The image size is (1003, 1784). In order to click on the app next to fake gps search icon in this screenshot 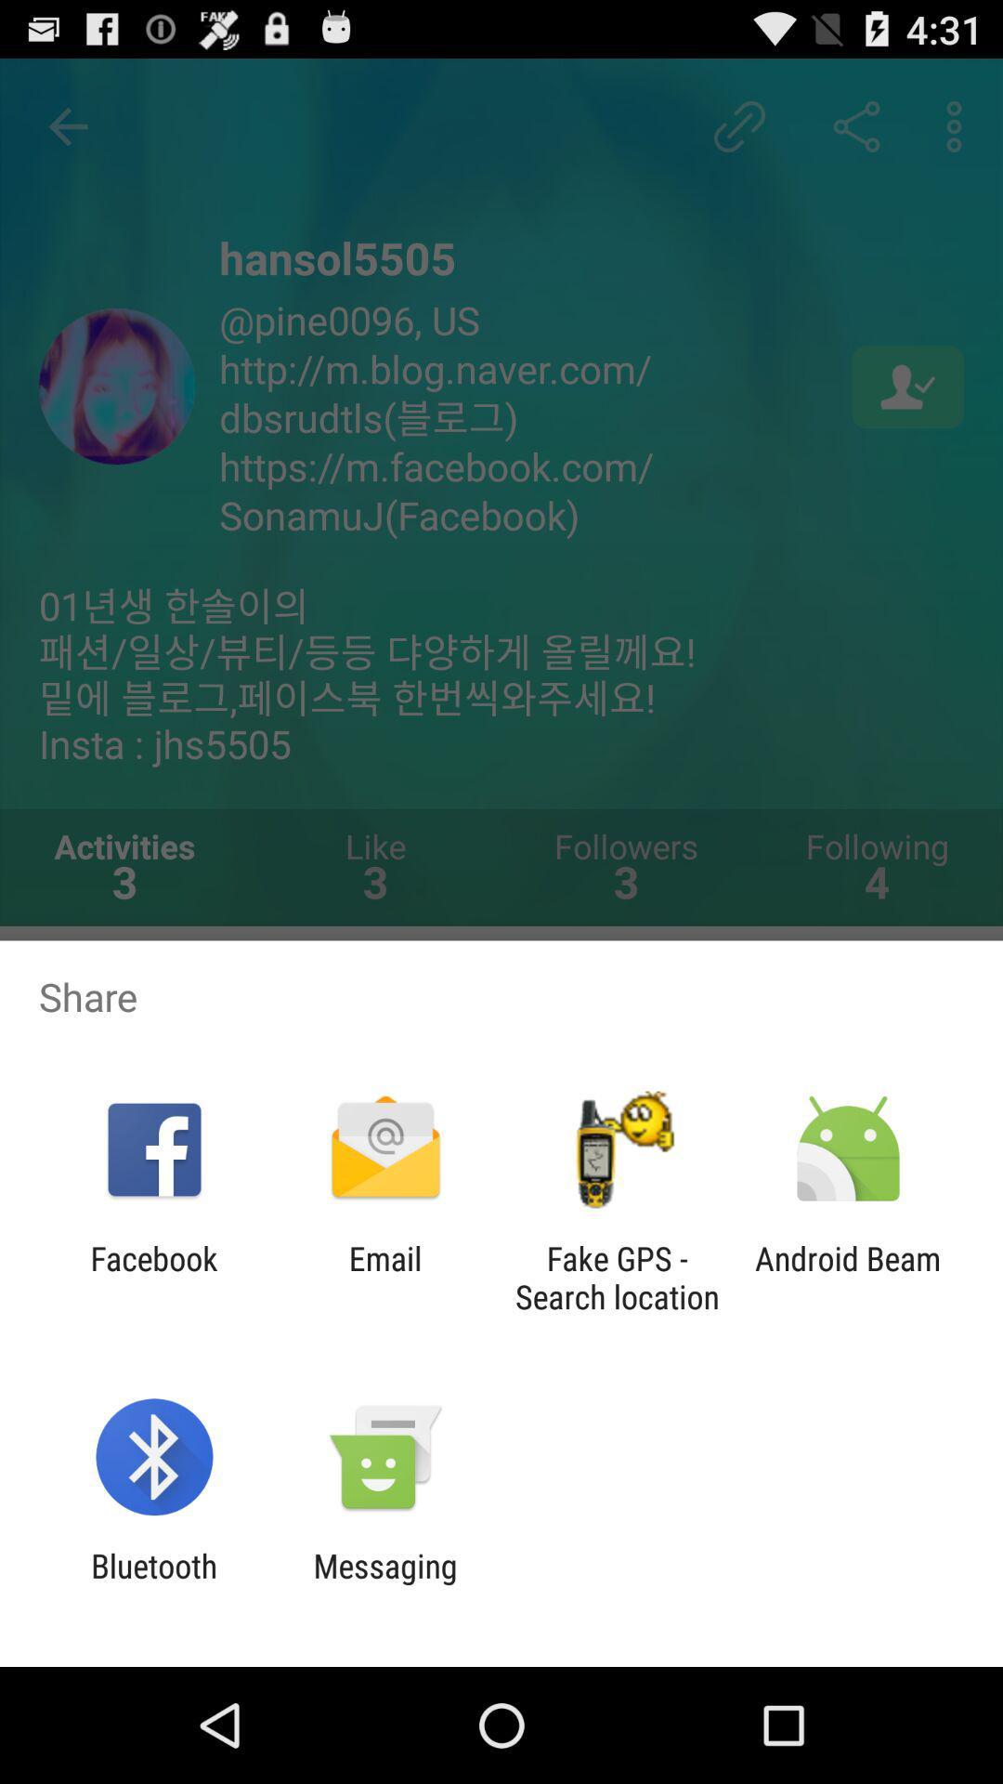, I will do `click(384, 1277)`.